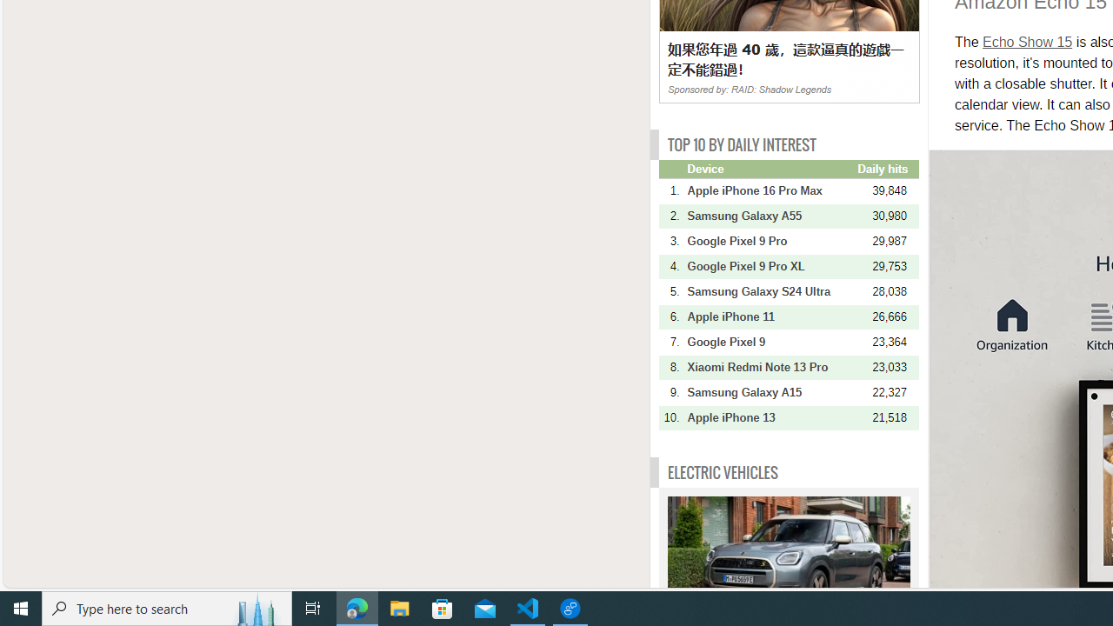 Image resolution: width=1113 pixels, height=626 pixels. I want to click on 'Google Pixel 9', so click(770, 342).